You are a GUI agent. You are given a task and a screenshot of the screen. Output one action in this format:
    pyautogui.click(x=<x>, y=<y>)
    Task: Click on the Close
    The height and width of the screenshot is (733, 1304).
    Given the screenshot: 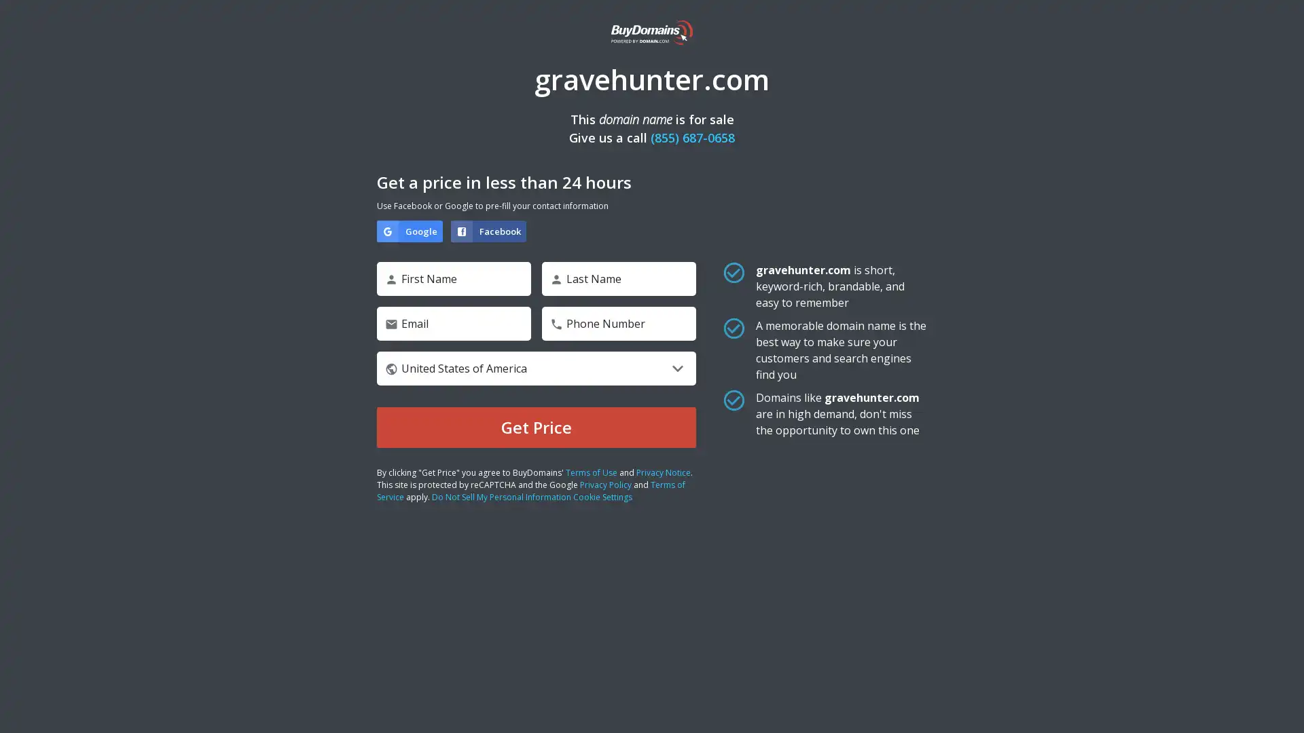 What is the action you would take?
    pyautogui.click(x=248, y=508)
    